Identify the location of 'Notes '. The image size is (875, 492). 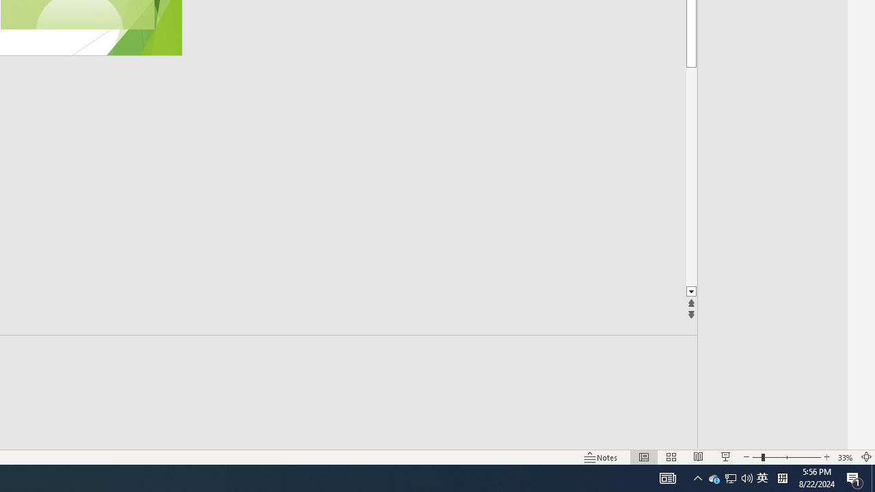
(601, 457).